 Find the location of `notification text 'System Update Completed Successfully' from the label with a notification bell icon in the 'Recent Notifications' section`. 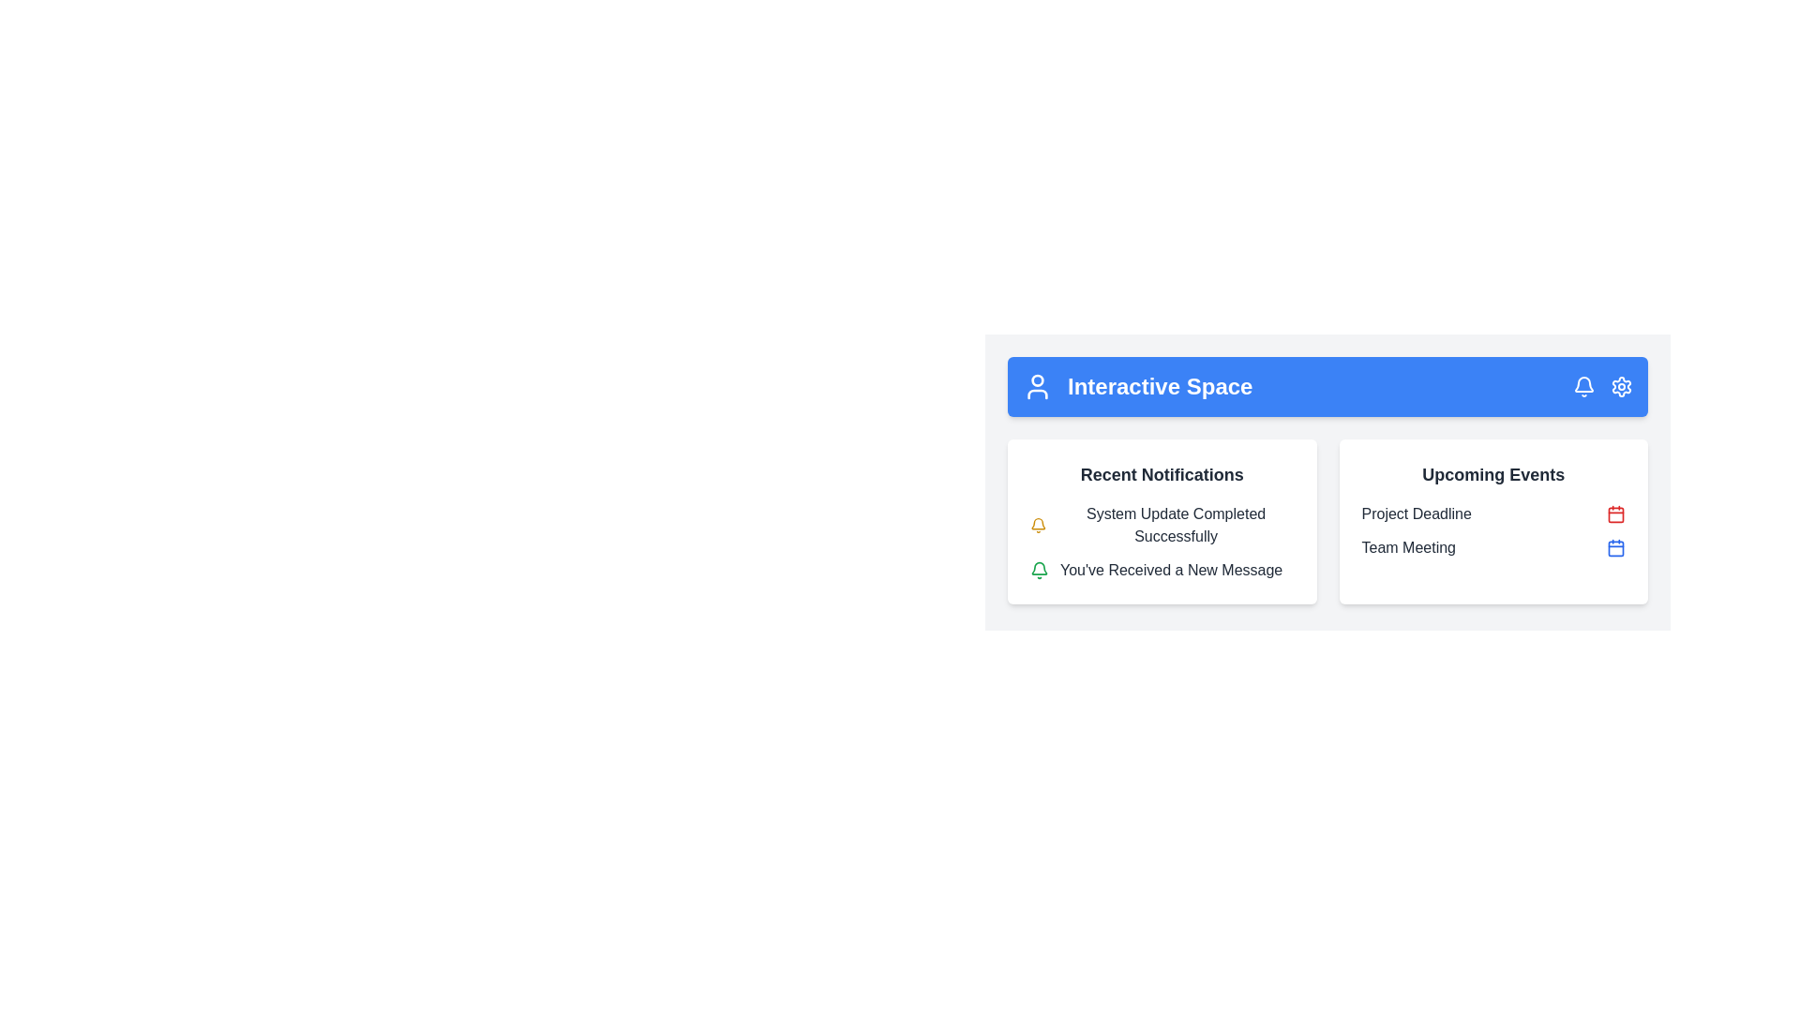

notification text 'System Update Completed Successfully' from the label with a notification bell icon in the 'Recent Notifications' section is located at coordinates (1161, 525).